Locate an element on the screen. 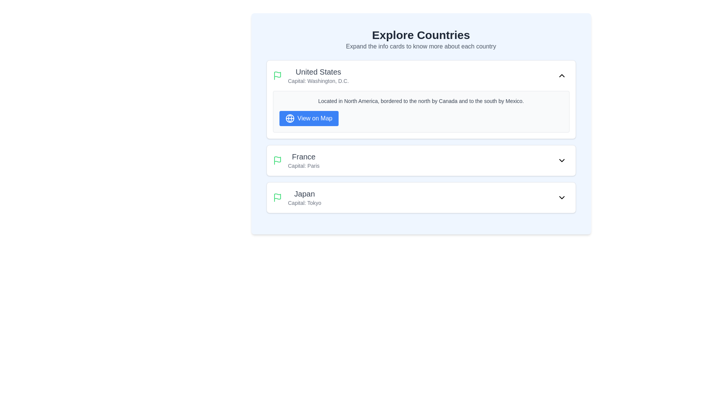  text label indicating the name of the country (Japan) located in the third card of a vertically stacked list of cards, positioned above the description 'Capital: Tokyo' is located at coordinates (304, 194).